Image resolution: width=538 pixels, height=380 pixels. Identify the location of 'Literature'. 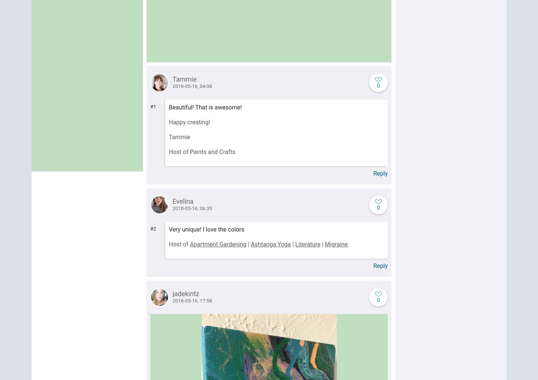
(307, 244).